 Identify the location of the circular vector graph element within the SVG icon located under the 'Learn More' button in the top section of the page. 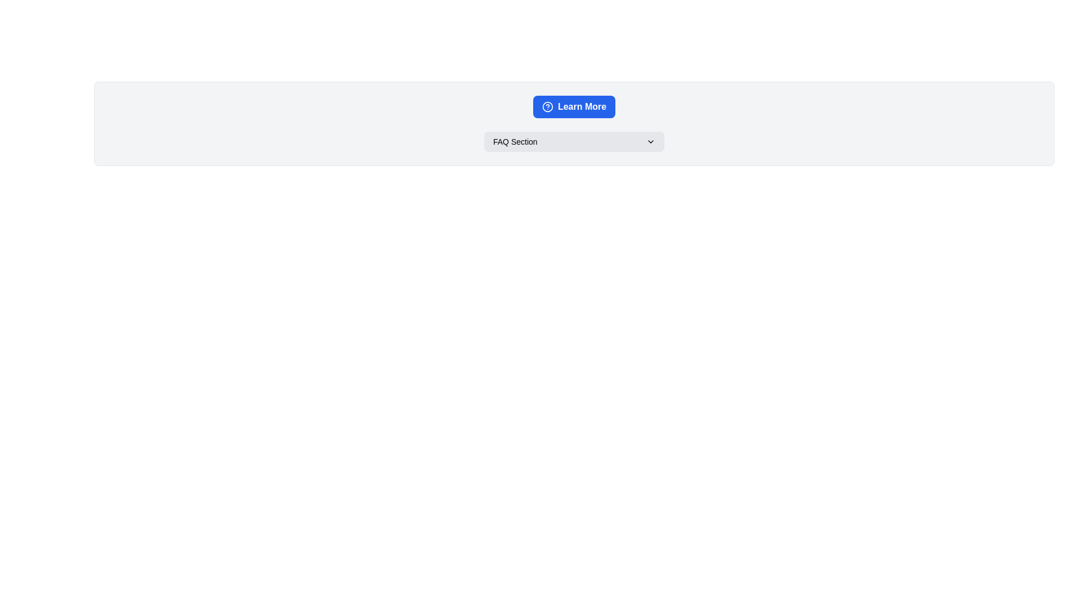
(547, 106).